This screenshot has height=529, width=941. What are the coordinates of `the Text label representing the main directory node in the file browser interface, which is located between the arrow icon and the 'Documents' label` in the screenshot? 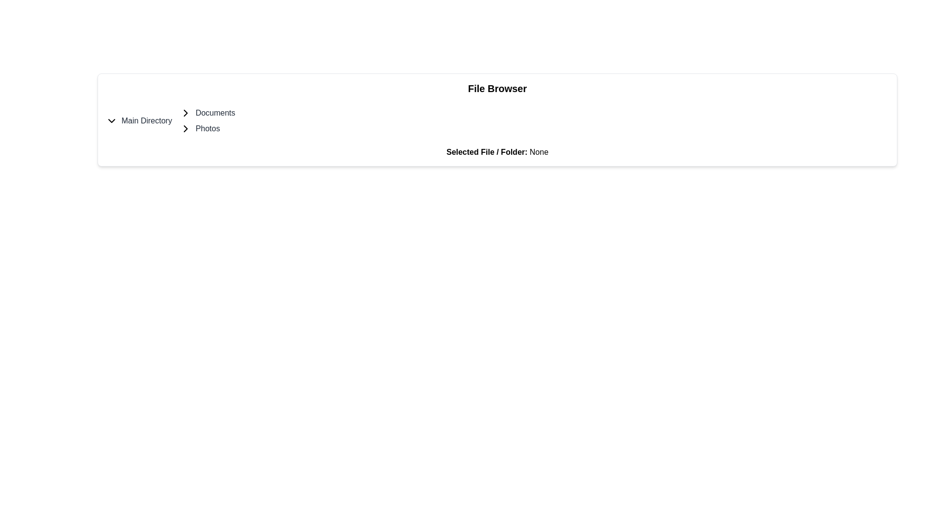 It's located at (146, 120).